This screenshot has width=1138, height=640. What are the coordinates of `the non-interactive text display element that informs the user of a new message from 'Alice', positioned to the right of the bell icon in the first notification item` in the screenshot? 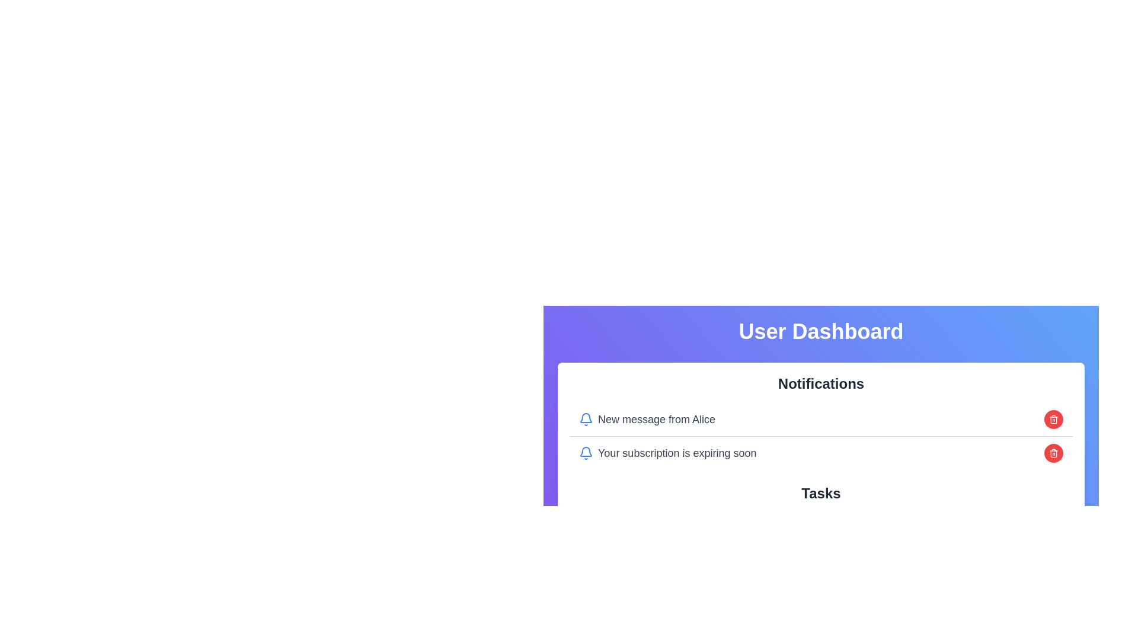 It's located at (656, 419).